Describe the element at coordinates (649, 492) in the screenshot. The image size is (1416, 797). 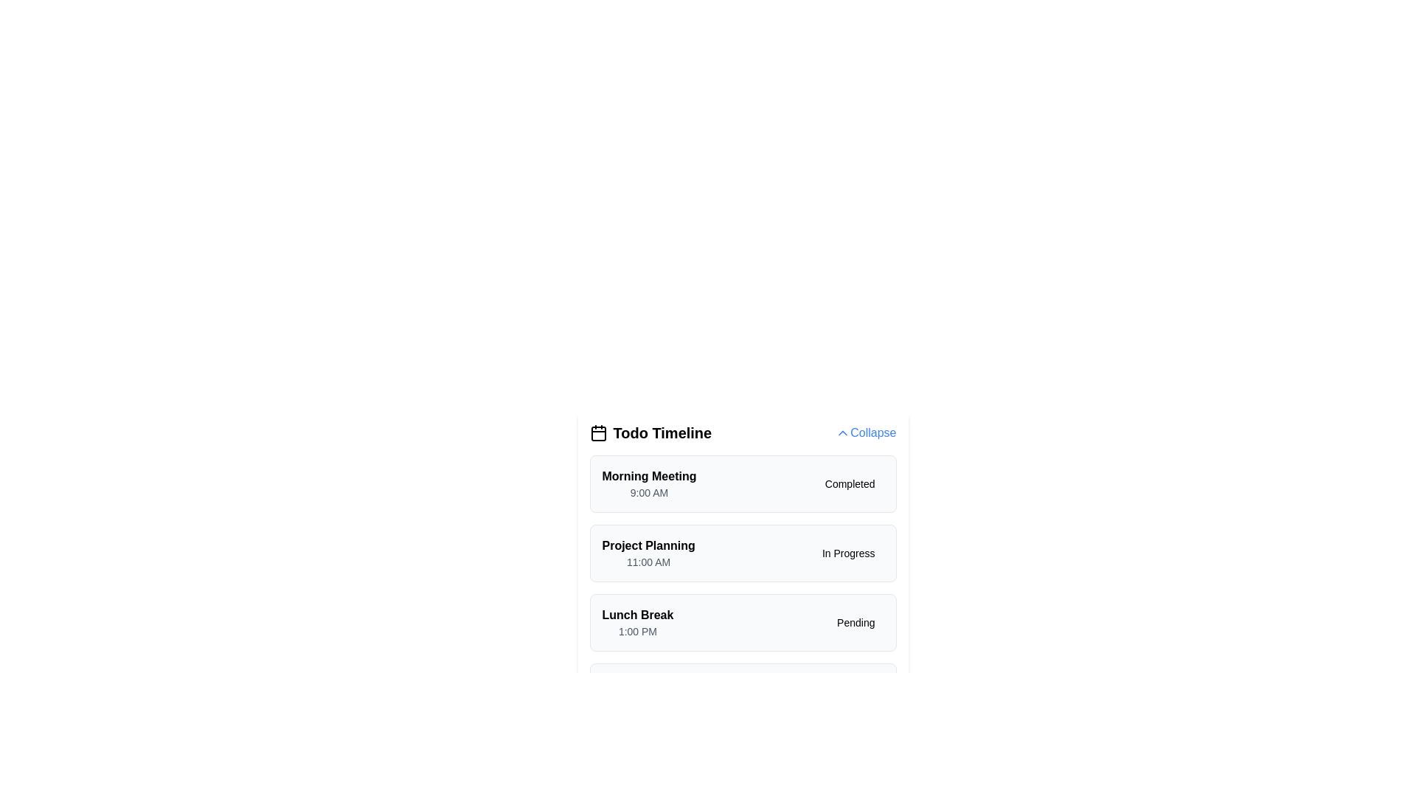
I see `the informational text displaying the scheduled time for the 'Morning Meeting' located under the 'Morning Meeting' block in the 'Todo Timeline' section` at that location.